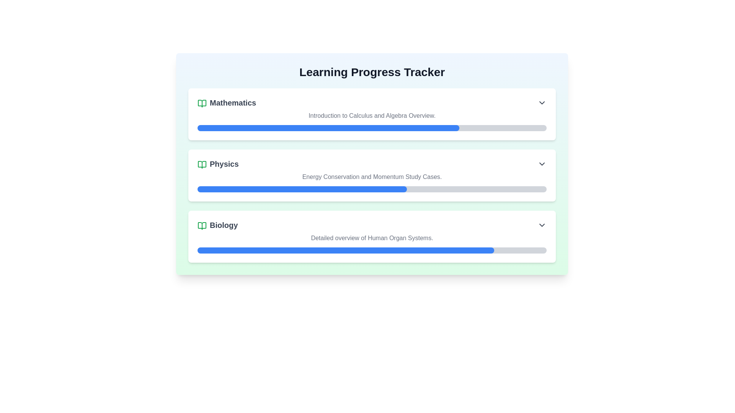 Image resolution: width=735 pixels, height=413 pixels. What do you see at coordinates (372, 72) in the screenshot?
I see `the title text that serves as the header for the section, which is located at the top of the component above the list of educational topics` at bounding box center [372, 72].